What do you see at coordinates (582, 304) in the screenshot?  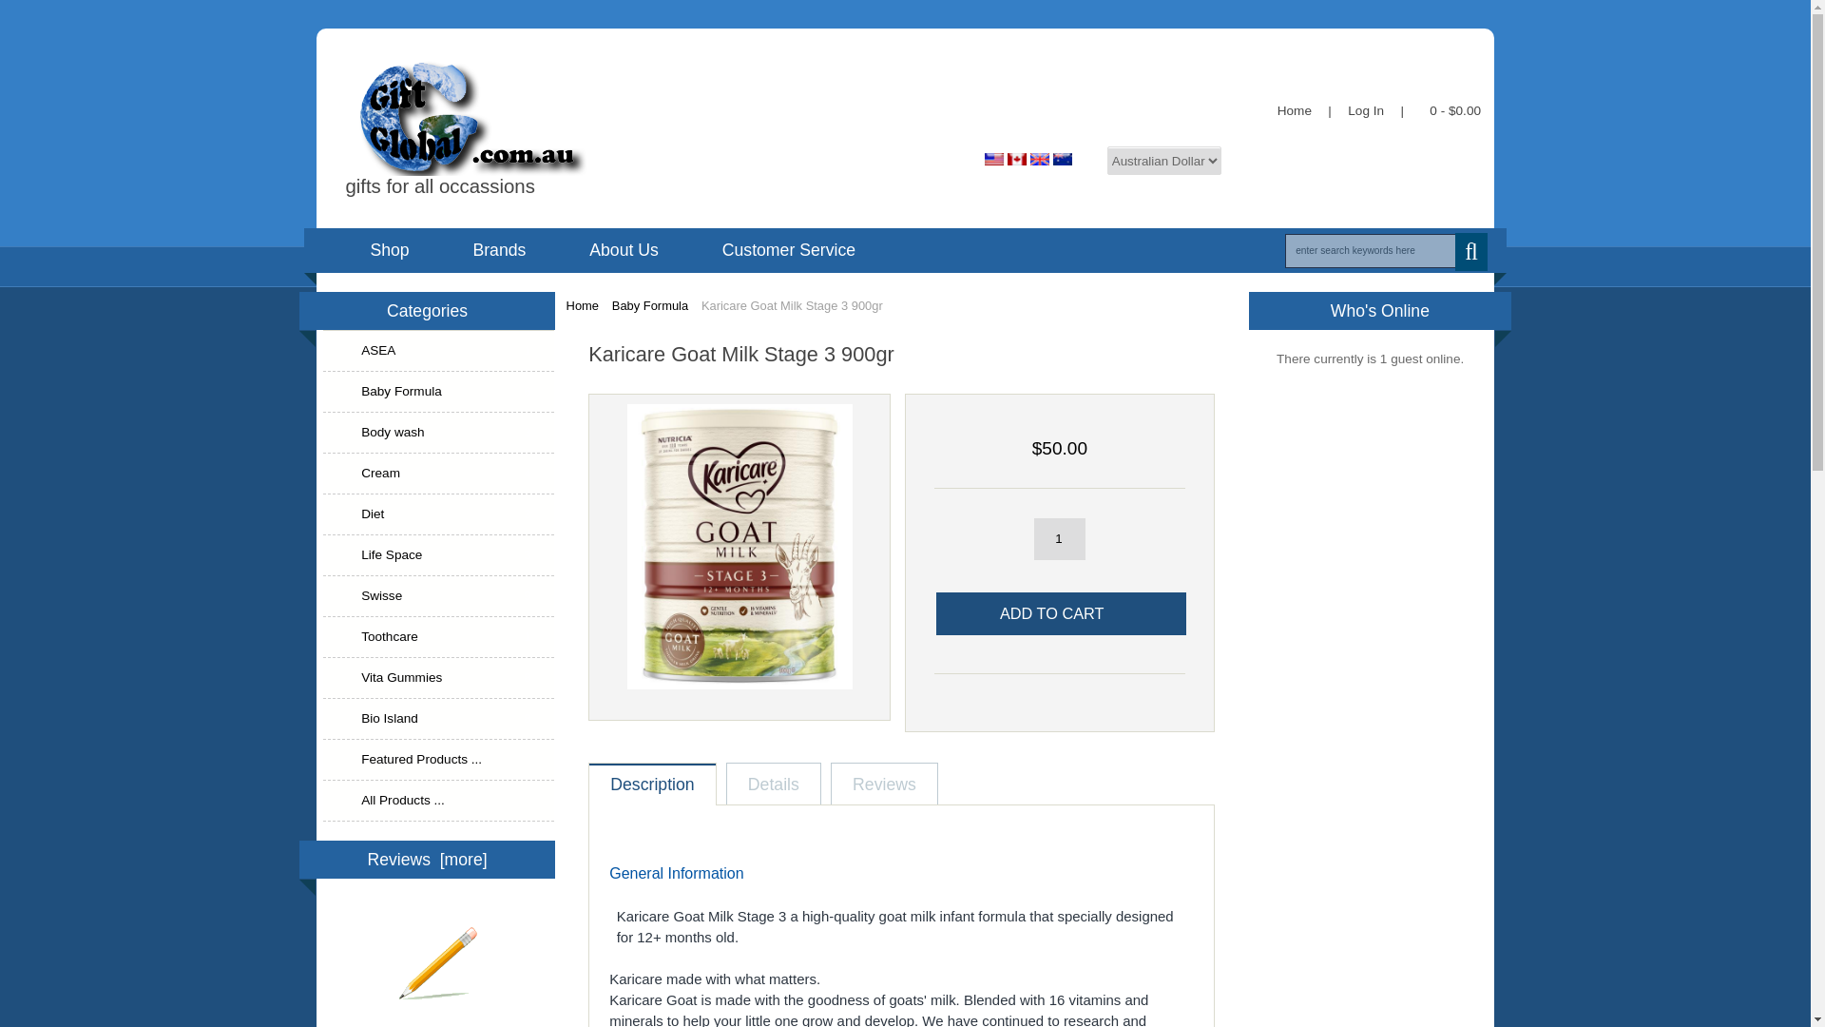 I see `'Home'` at bounding box center [582, 304].